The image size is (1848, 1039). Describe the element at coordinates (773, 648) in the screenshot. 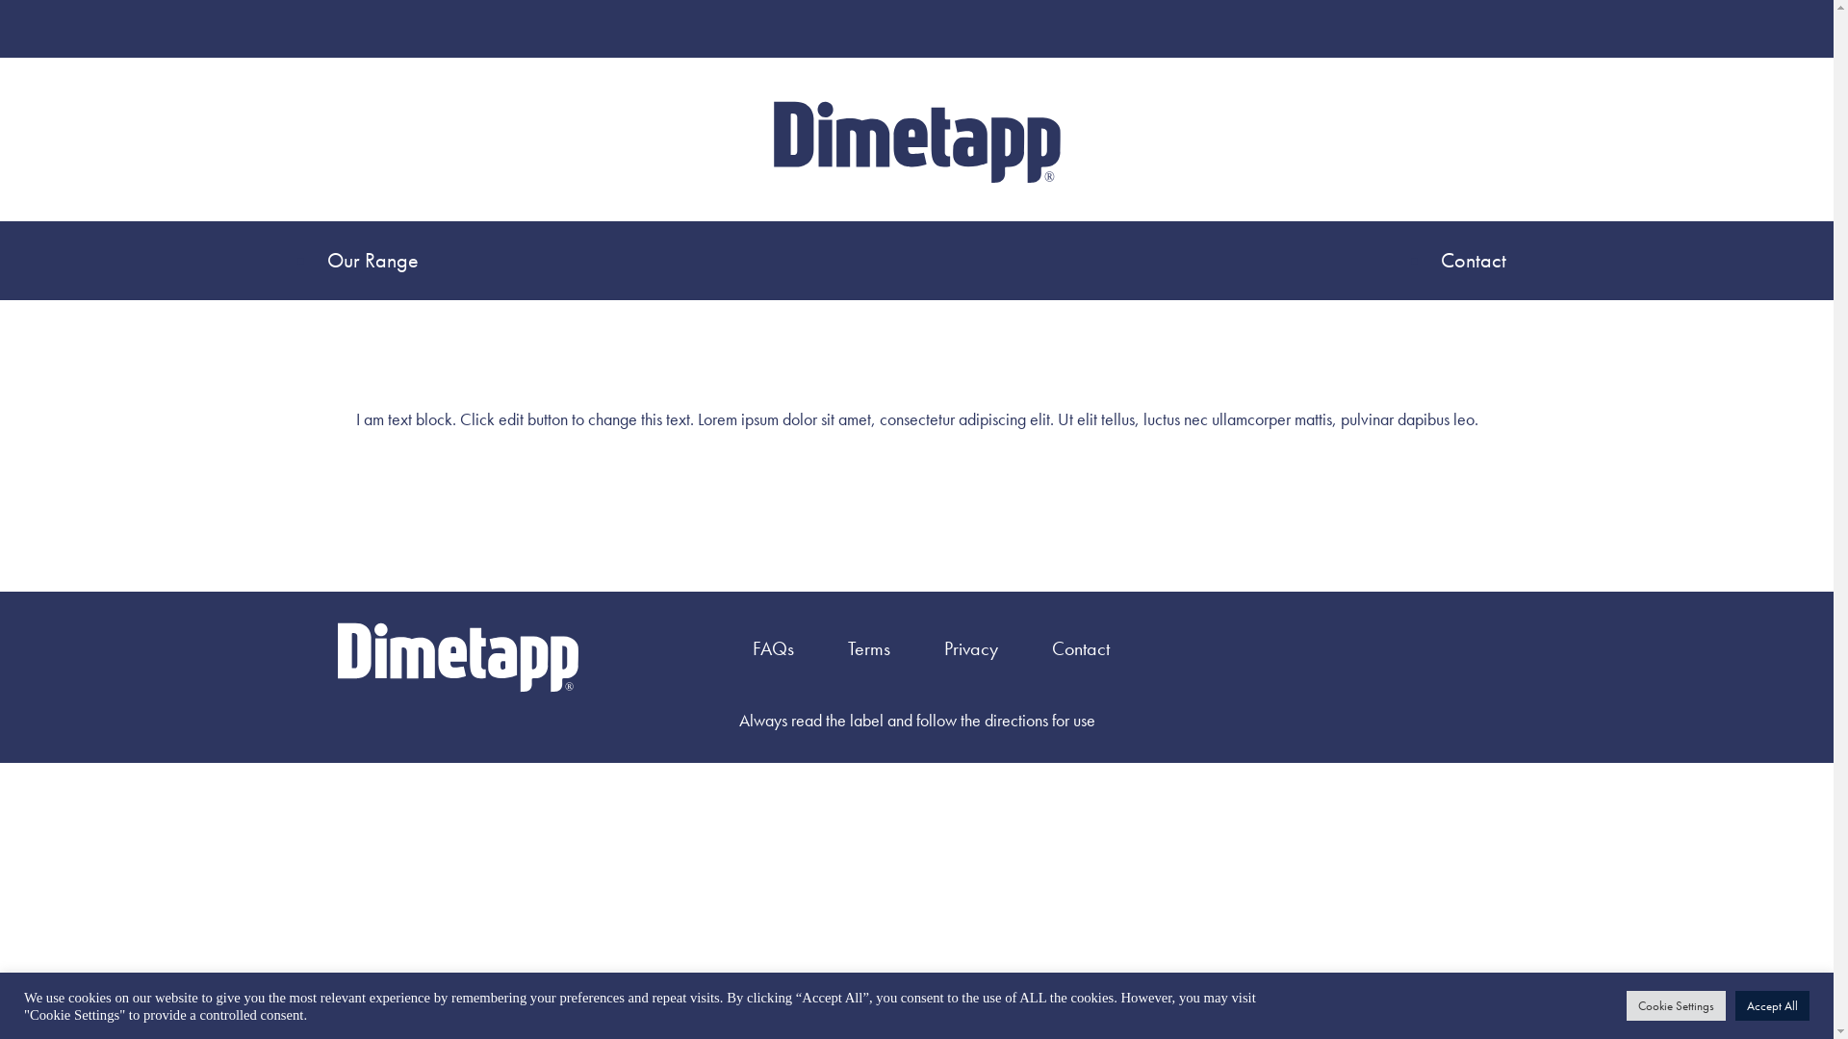

I see `'FAQs'` at that location.